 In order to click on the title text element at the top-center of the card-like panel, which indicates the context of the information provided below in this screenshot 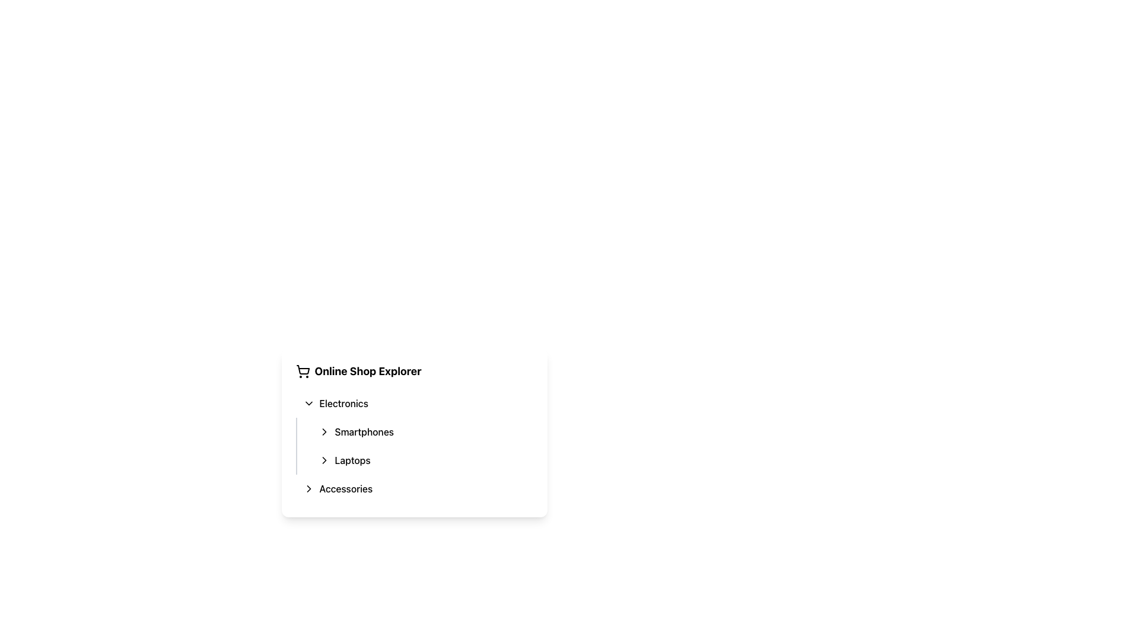, I will do `click(414, 371)`.